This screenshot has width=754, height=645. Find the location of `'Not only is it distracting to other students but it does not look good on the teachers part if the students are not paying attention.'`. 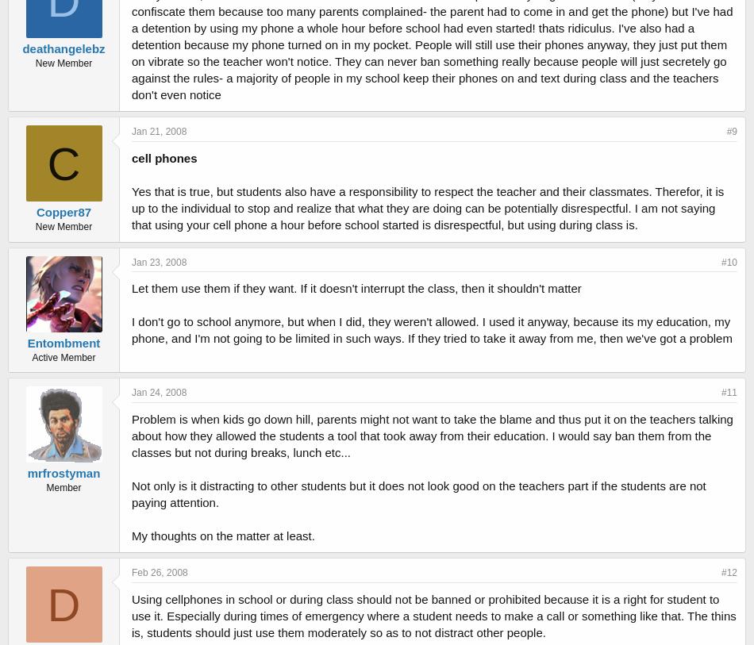

'Not only is it distracting to other students but it does not look good on the teachers part if the students are not paying attention.' is located at coordinates (418, 494).